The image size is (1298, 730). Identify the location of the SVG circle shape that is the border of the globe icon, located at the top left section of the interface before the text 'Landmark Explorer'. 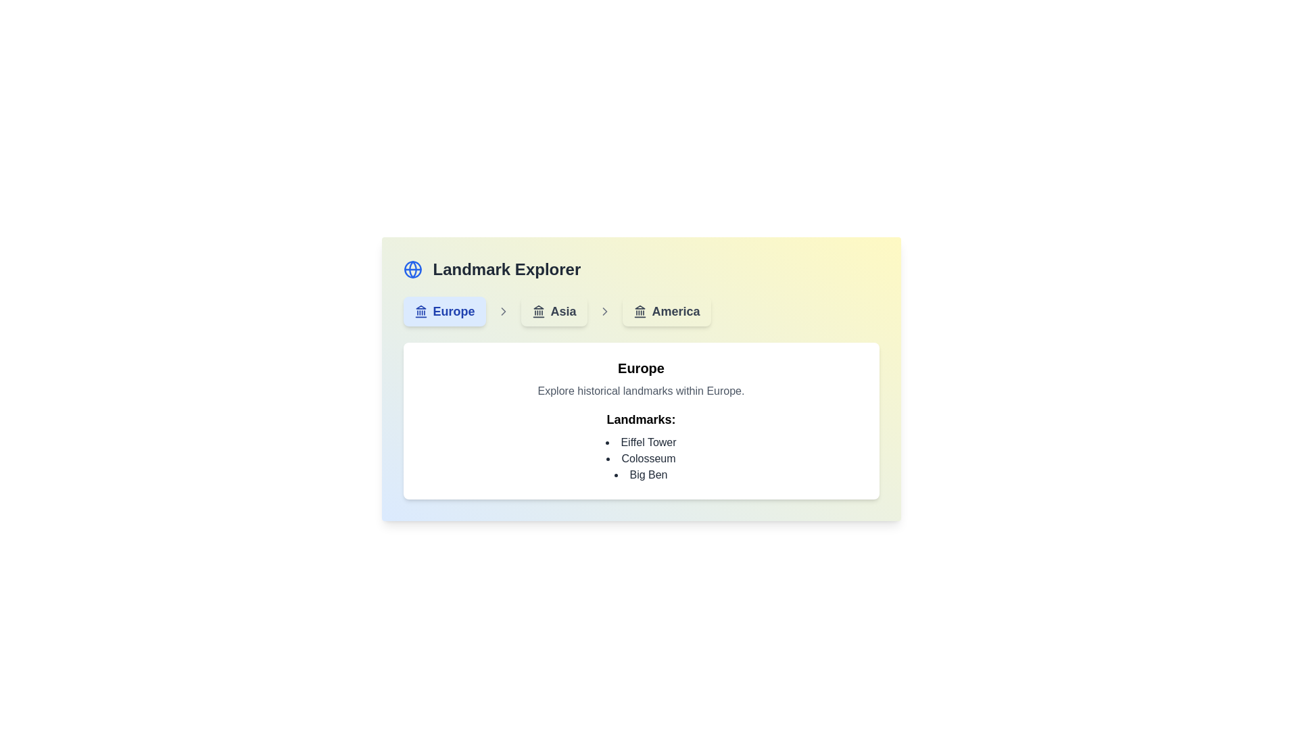
(412, 269).